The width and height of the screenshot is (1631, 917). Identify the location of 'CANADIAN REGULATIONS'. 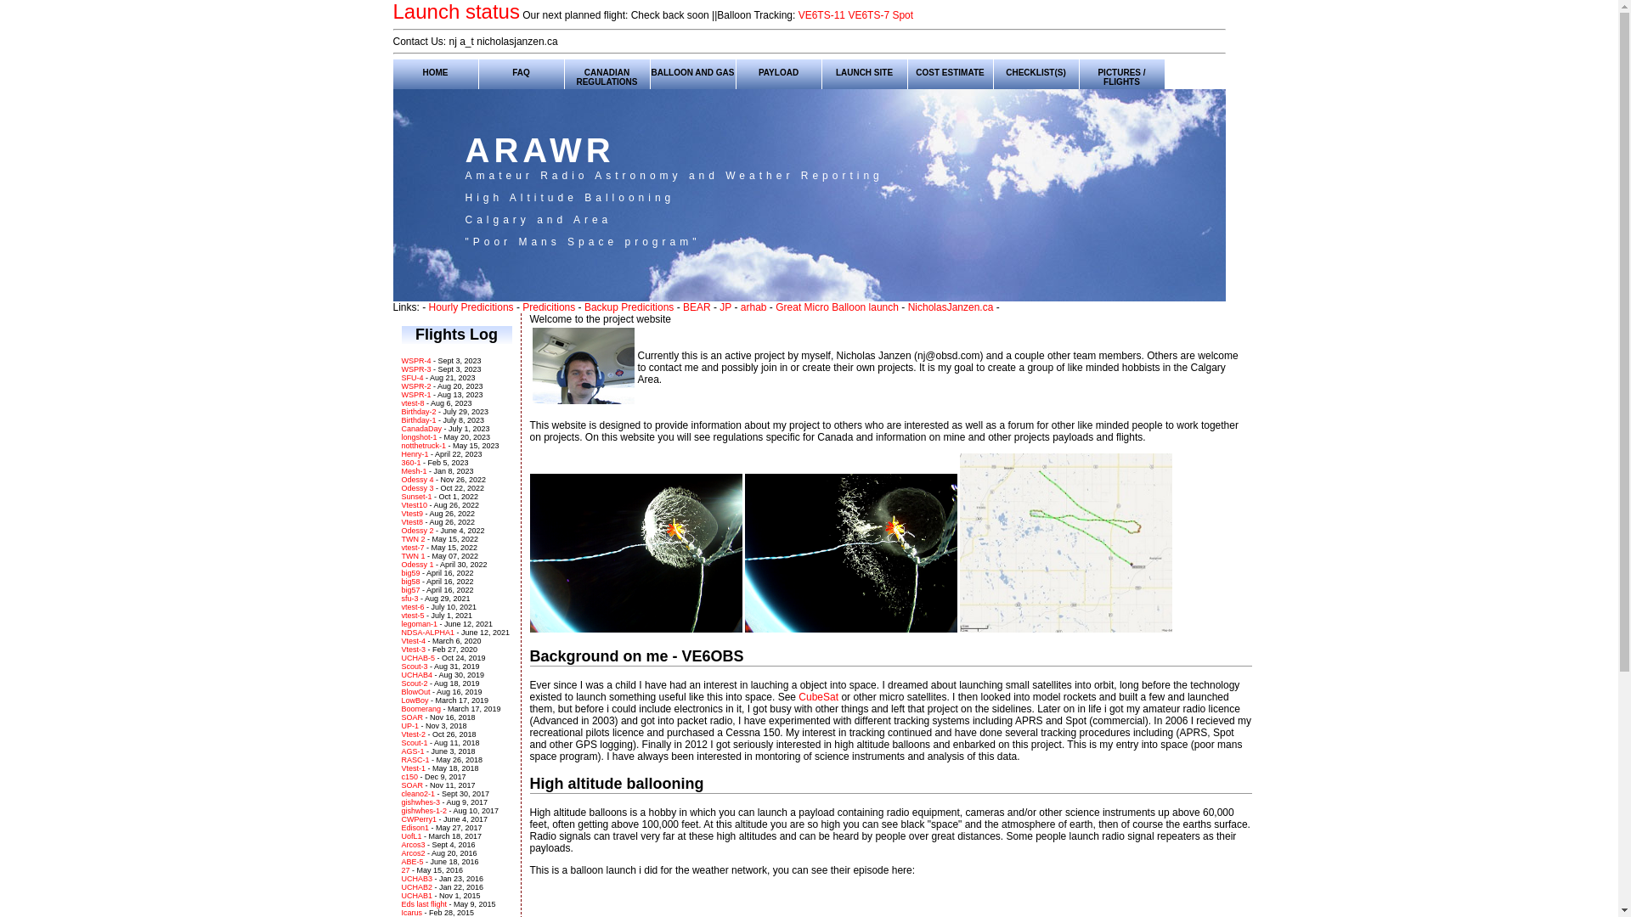
(607, 70).